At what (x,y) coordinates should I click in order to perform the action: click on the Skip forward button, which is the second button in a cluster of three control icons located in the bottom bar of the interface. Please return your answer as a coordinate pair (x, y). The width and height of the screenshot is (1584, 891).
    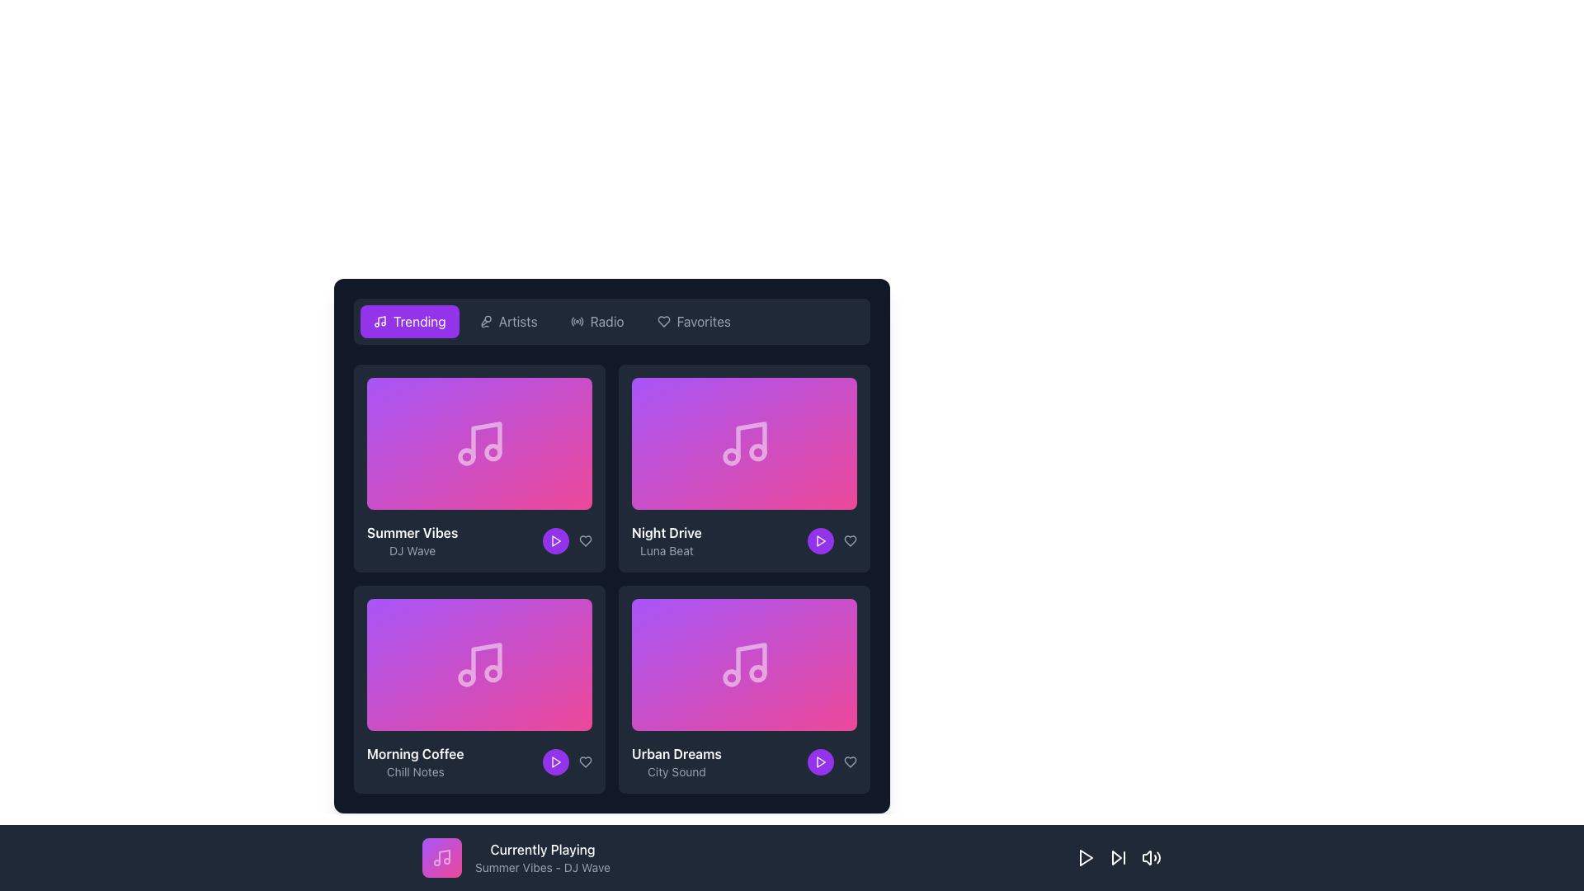
    Looking at the image, I should click on (1119, 857).